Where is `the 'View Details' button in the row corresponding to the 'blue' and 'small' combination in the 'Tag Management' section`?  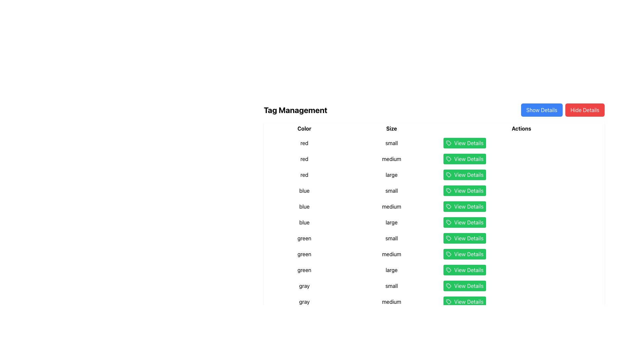
the 'View Details' button in the row corresponding to the 'blue' and 'small' combination in the 'Tag Management' section is located at coordinates (434, 191).